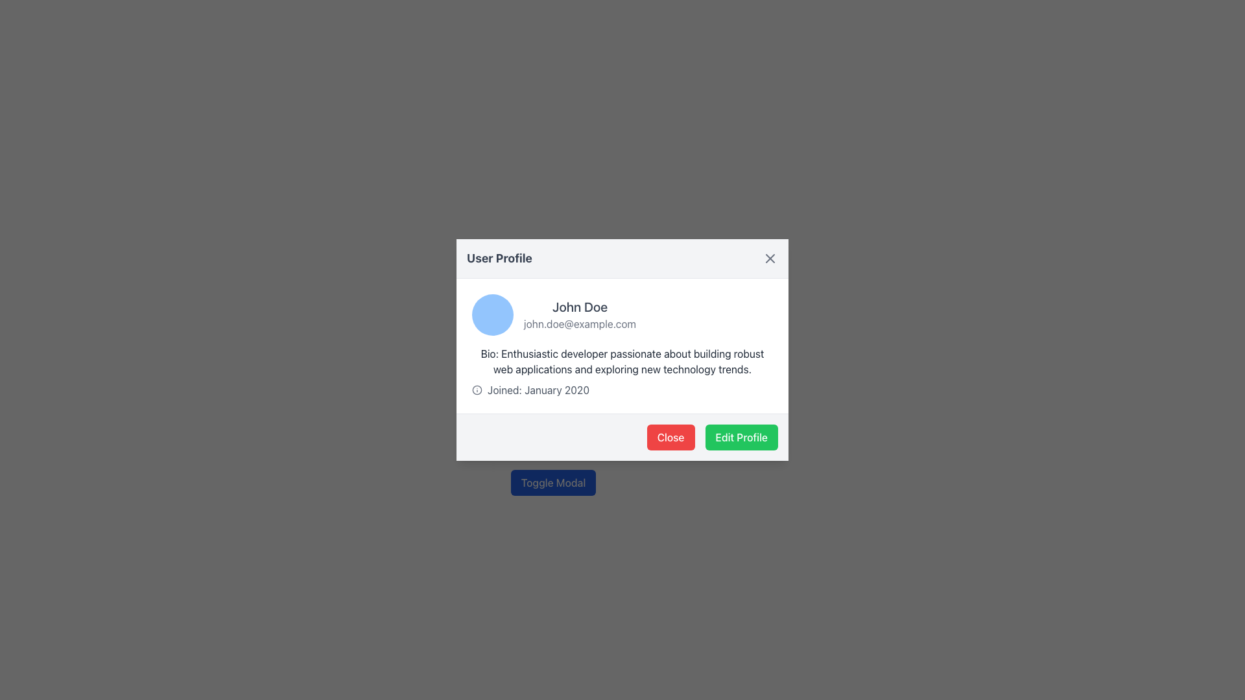 This screenshot has width=1245, height=700. What do you see at coordinates (476, 389) in the screenshot?
I see `the small circular information icon with a light gray outline and a centered letter 'i'` at bounding box center [476, 389].